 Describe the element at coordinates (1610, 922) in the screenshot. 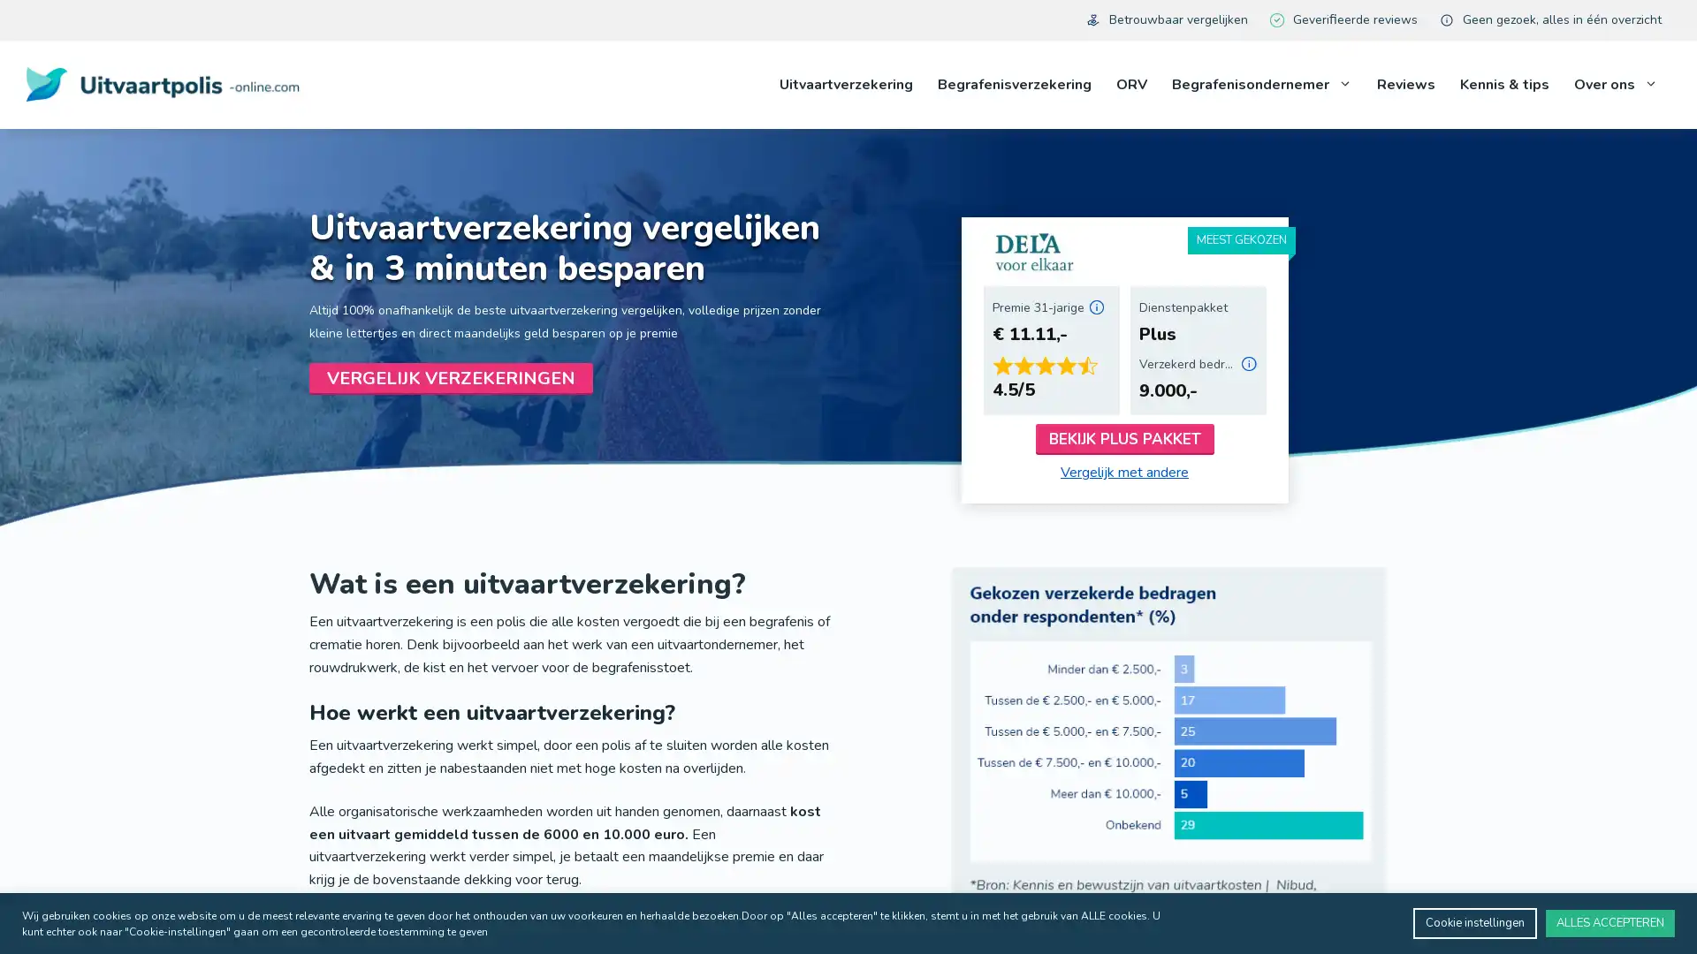

I see `ALLES ACCEPTEREN` at that location.